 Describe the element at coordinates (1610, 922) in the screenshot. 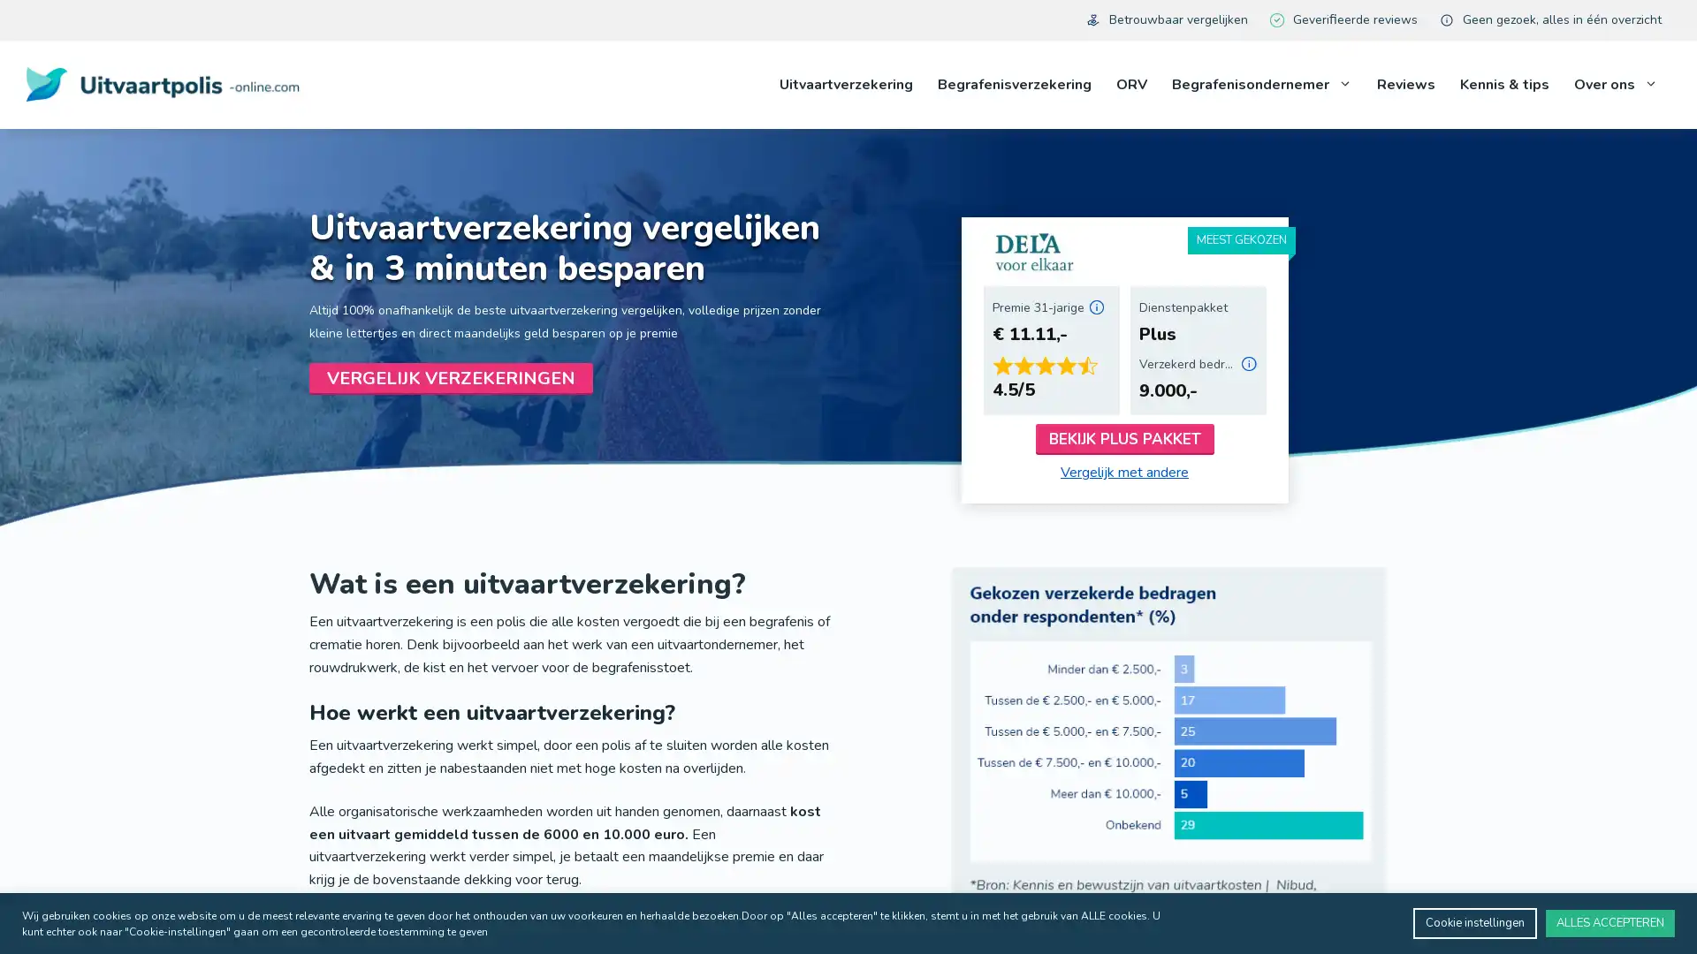

I see `ALLES ACCEPTEREN` at that location.